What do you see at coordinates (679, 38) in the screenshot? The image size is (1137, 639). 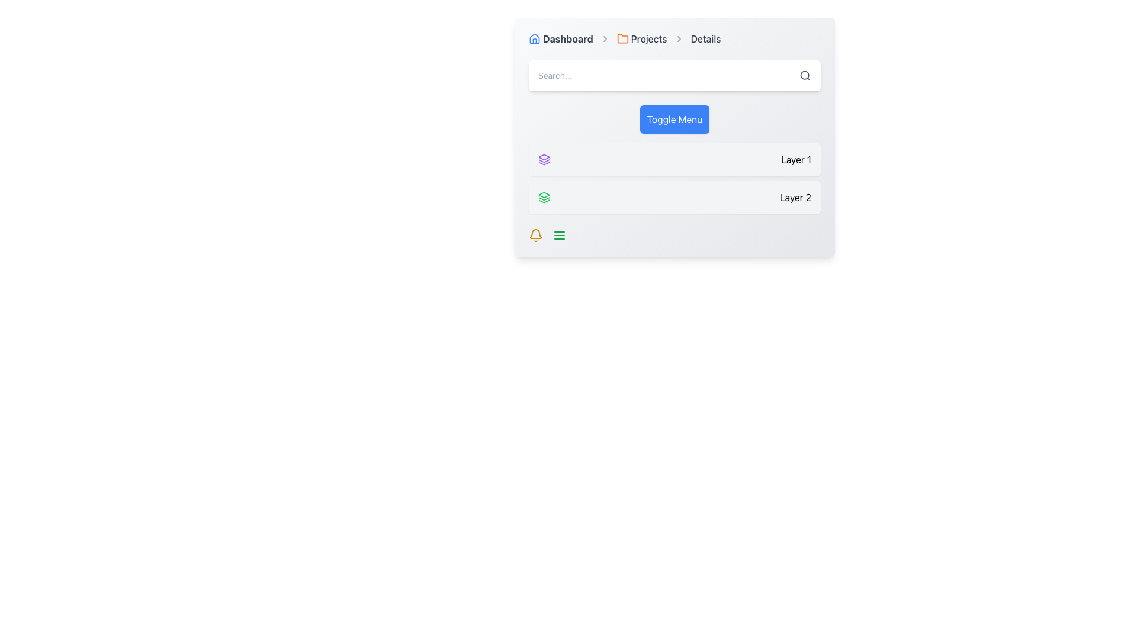 I see `the third right-pointing chevron icon in the breadcrumb navigation bar, which is gray-colored and positioned between the 'Projects' and 'Details' text` at bounding box center [679, 38].